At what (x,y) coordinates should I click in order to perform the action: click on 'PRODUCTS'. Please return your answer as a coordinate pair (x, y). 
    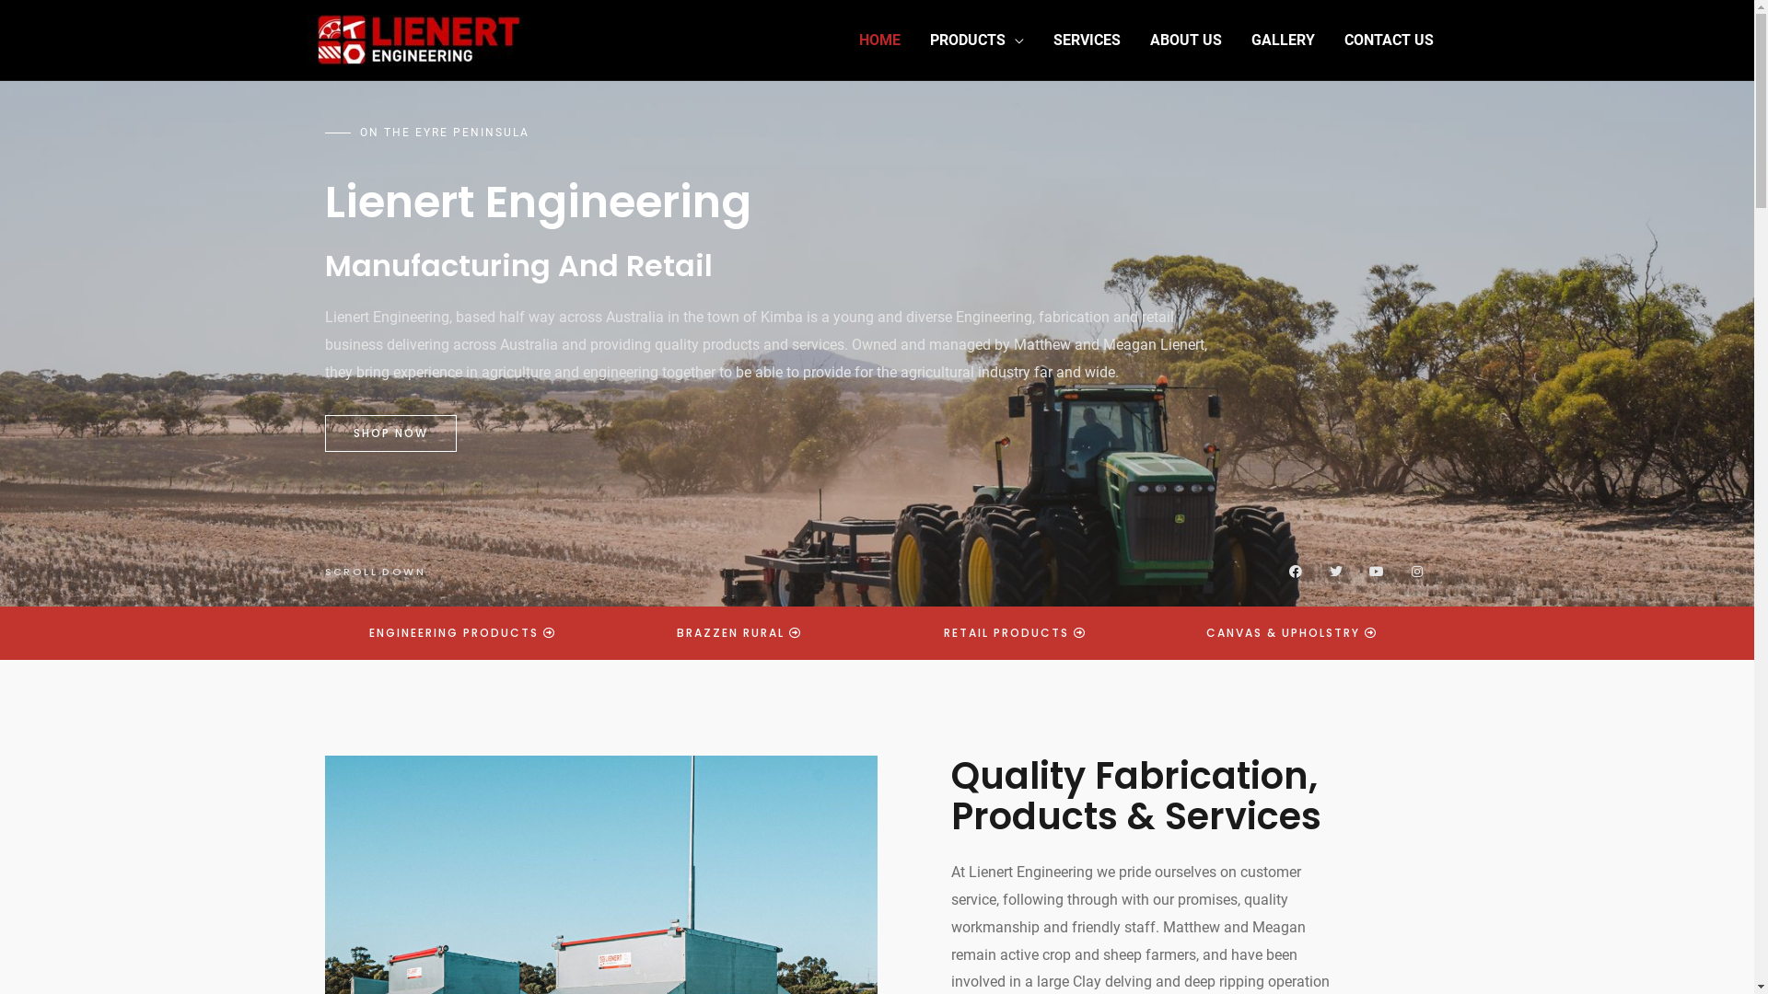
    Looking at the image, I should click on (975, 40).